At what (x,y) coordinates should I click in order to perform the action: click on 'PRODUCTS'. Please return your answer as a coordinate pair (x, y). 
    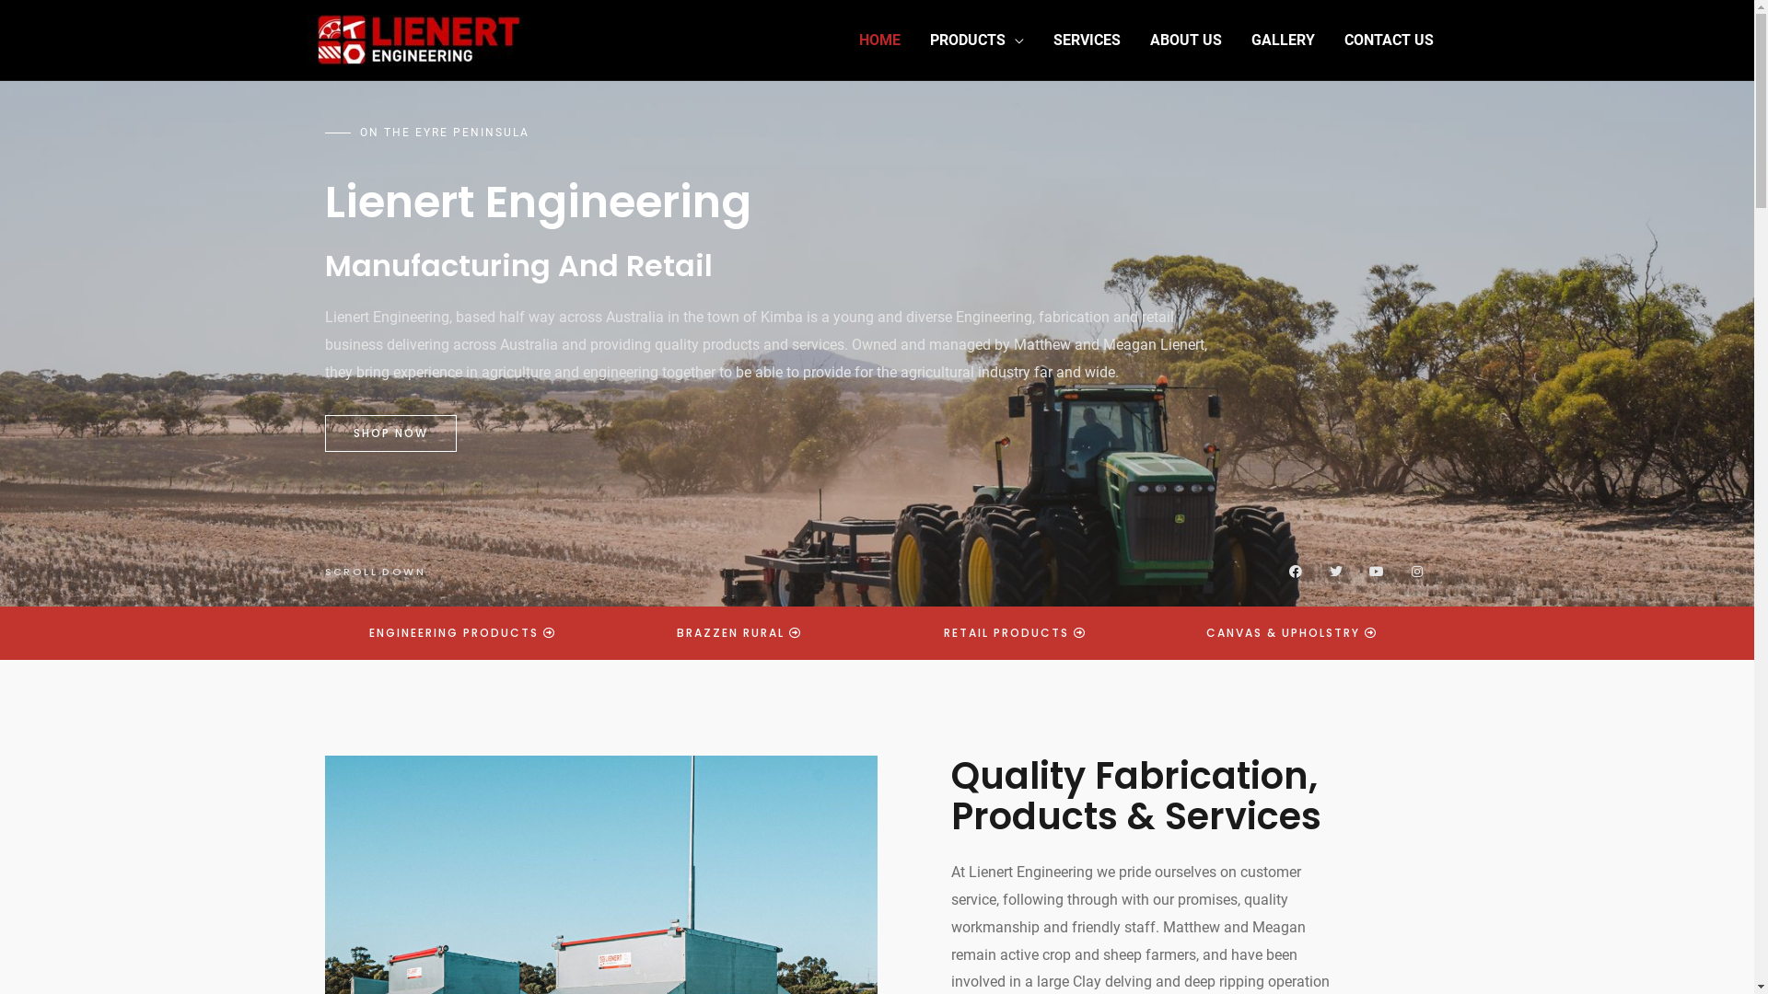
    Looking at the image, I should click on (975, 40).